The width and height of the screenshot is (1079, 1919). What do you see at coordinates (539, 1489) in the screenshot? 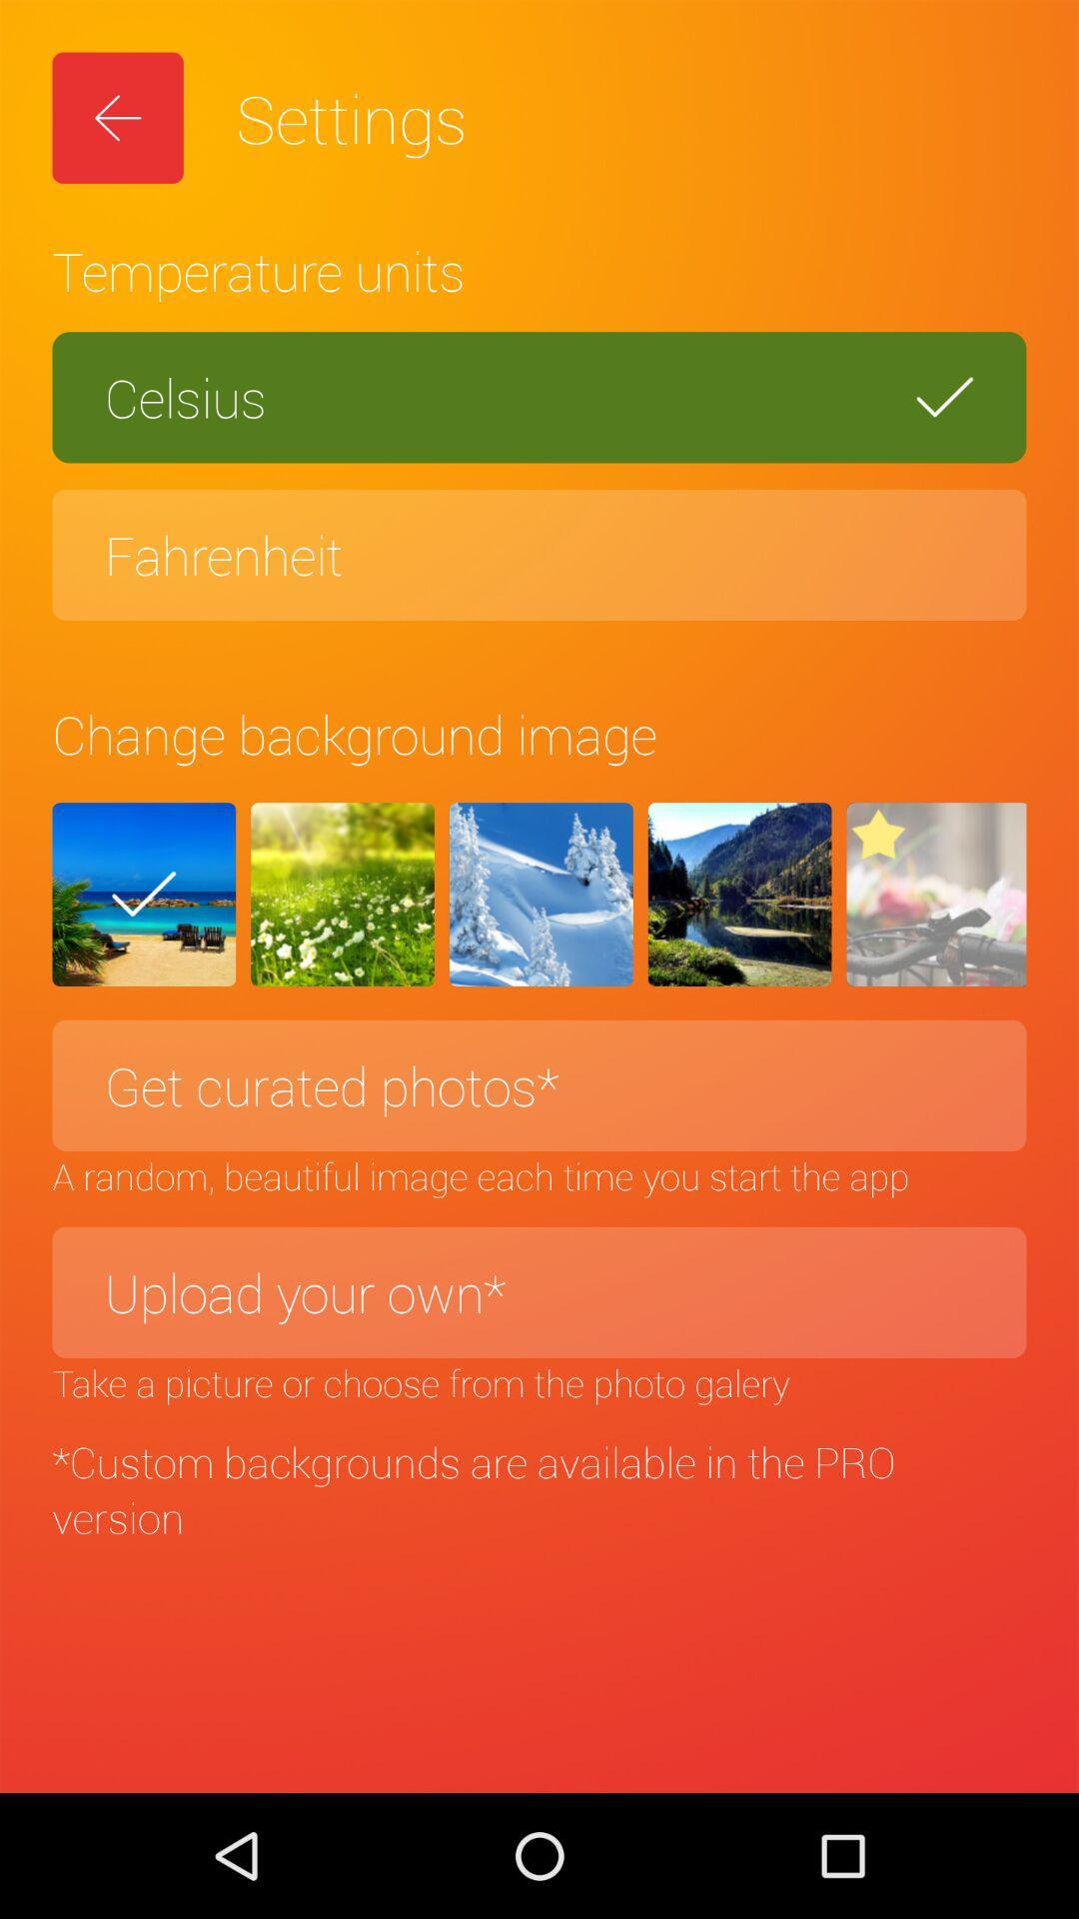
I see `custom backgrounds are icon` at bounding box center [539, 1489].